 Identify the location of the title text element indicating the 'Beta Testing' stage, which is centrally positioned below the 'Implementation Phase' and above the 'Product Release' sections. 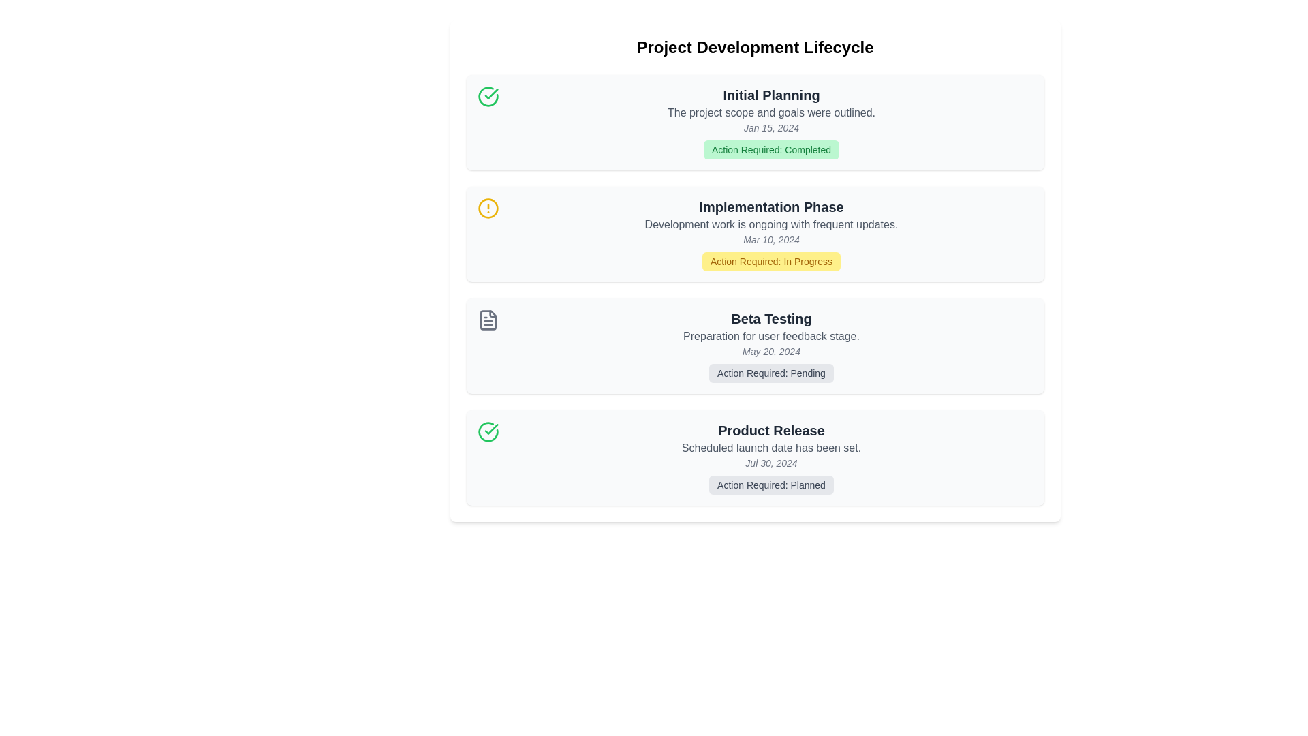
(771, 318).